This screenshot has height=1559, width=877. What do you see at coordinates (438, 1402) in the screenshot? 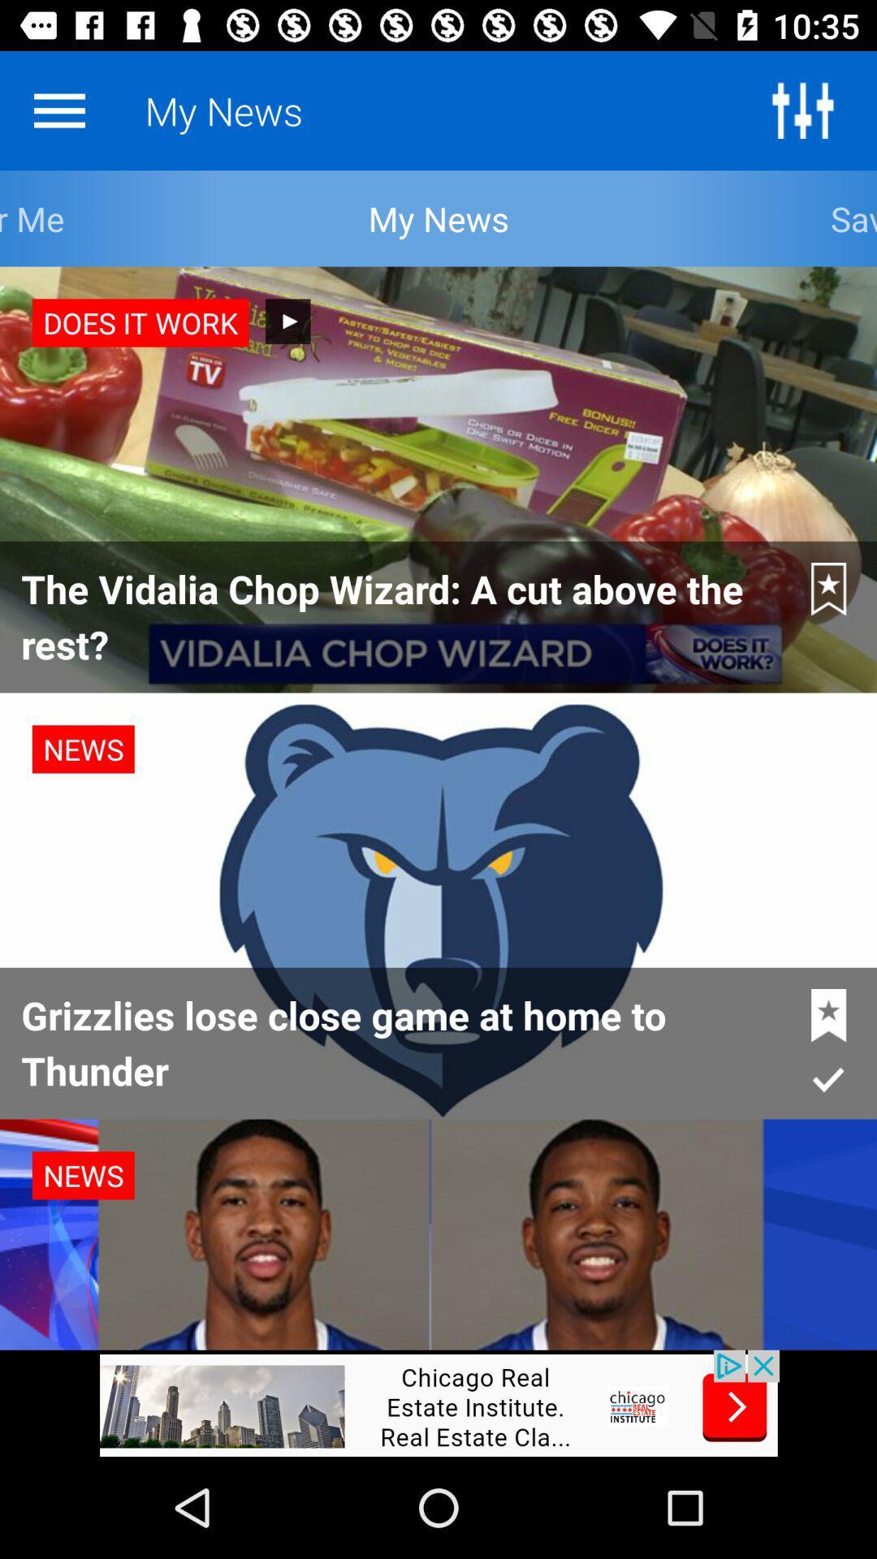
I see `open advertisement` at bounding box center [438, 1402].